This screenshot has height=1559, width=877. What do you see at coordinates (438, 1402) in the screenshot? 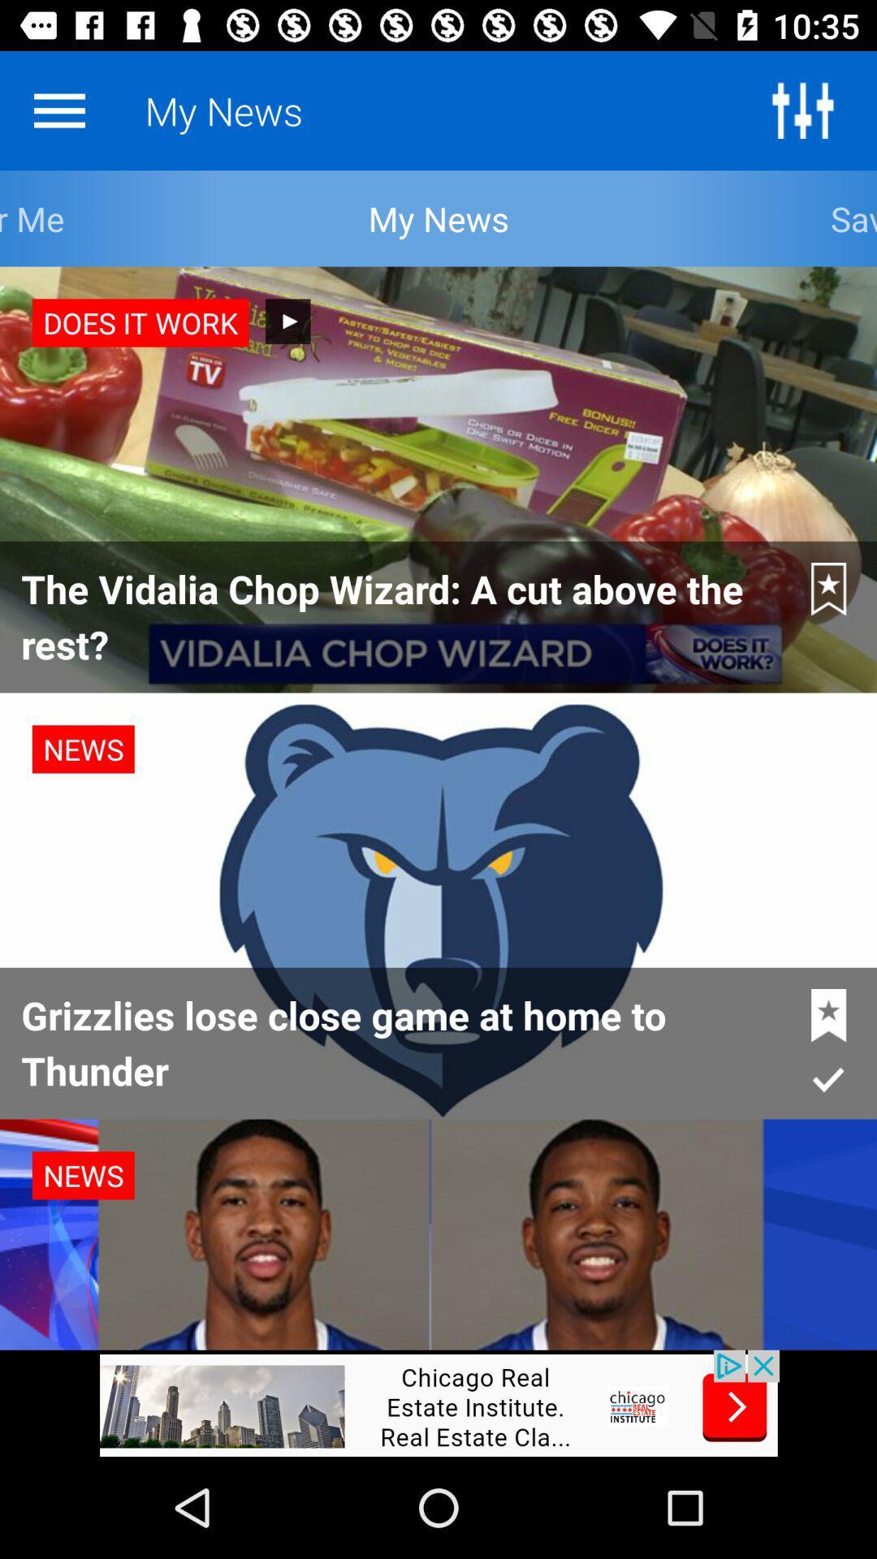
I see `open advertisement` at bounding box center [438, 1402].